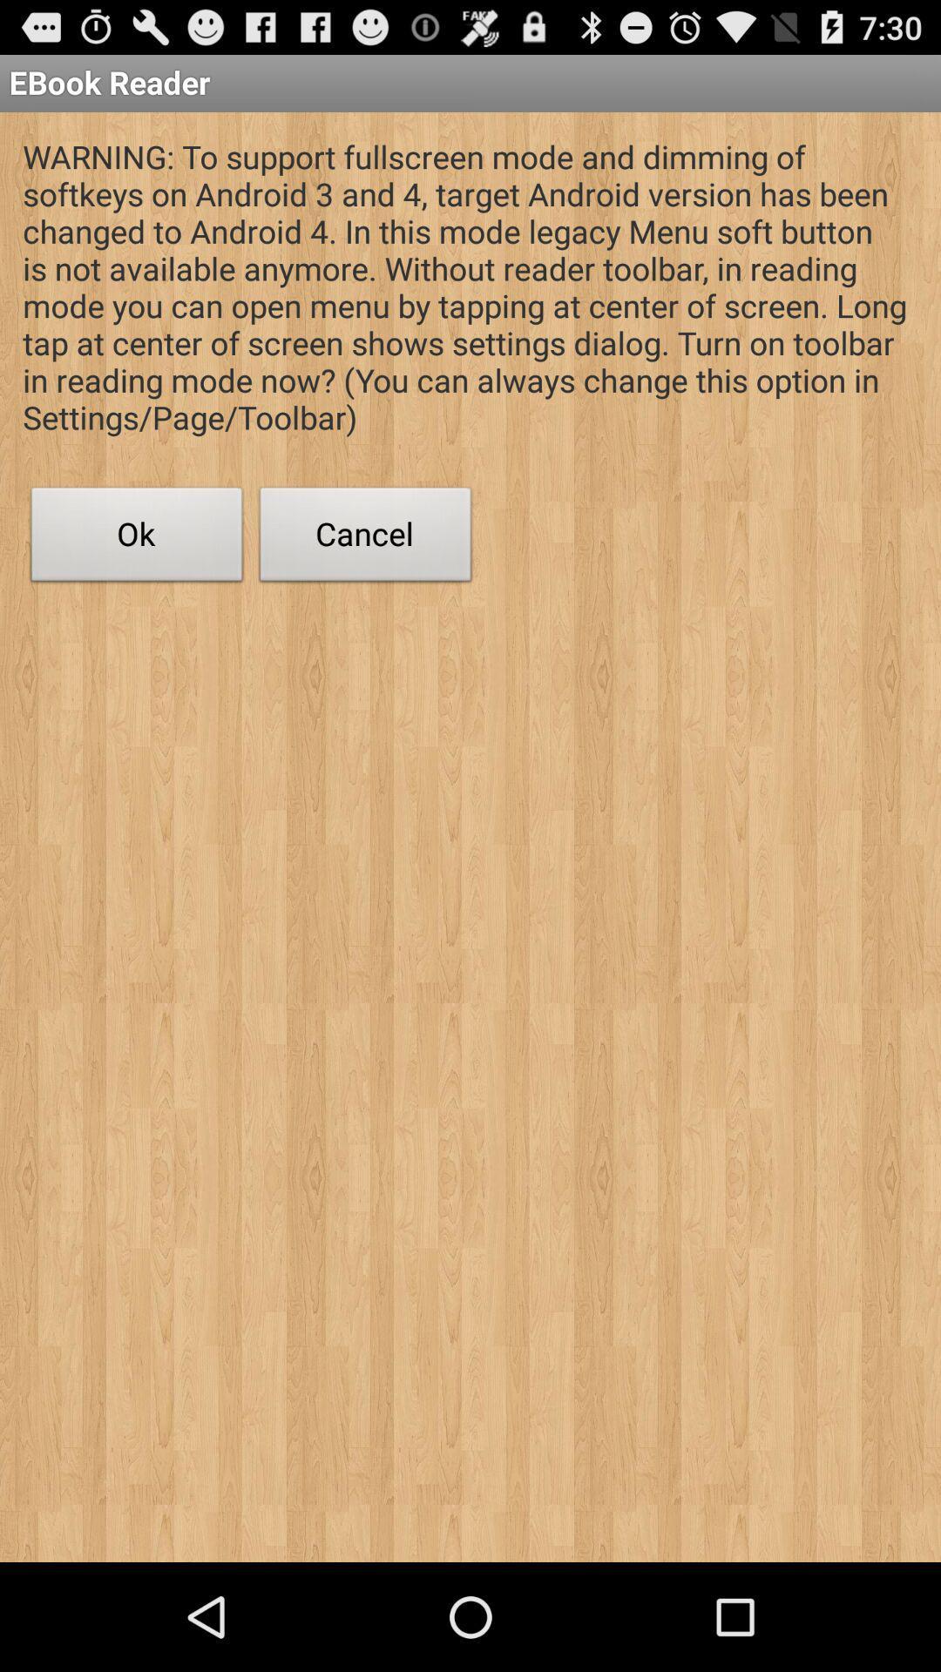 This screenshot has width=941, height=1672. What do you see at coordinates (136, 538) in the screenshot?
I see `the button next to cancel icon` at bounding box center [136, 538].